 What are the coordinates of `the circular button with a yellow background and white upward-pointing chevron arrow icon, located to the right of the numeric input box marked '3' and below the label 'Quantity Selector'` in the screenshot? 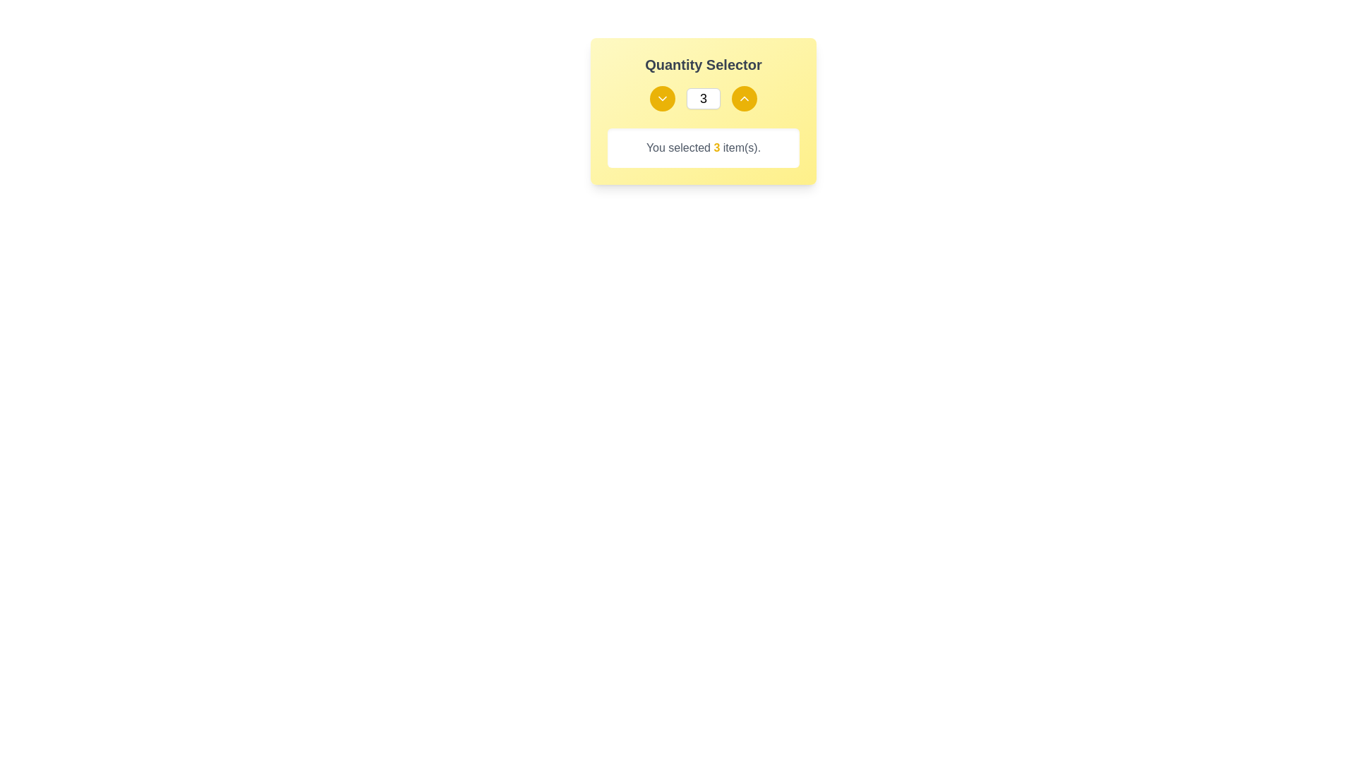 It's located at (744, 97).